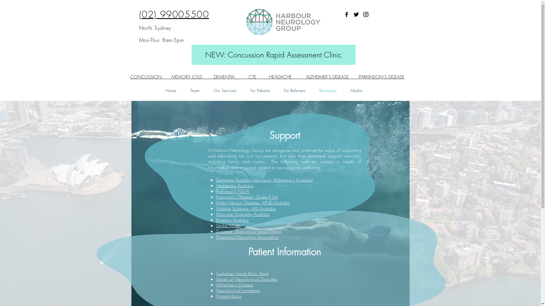 This screenshot has height=306, width=545. Describe the element at coordinates (234, 285) in the screenshot. I see `'Alzheimer's Disease'` at that location.